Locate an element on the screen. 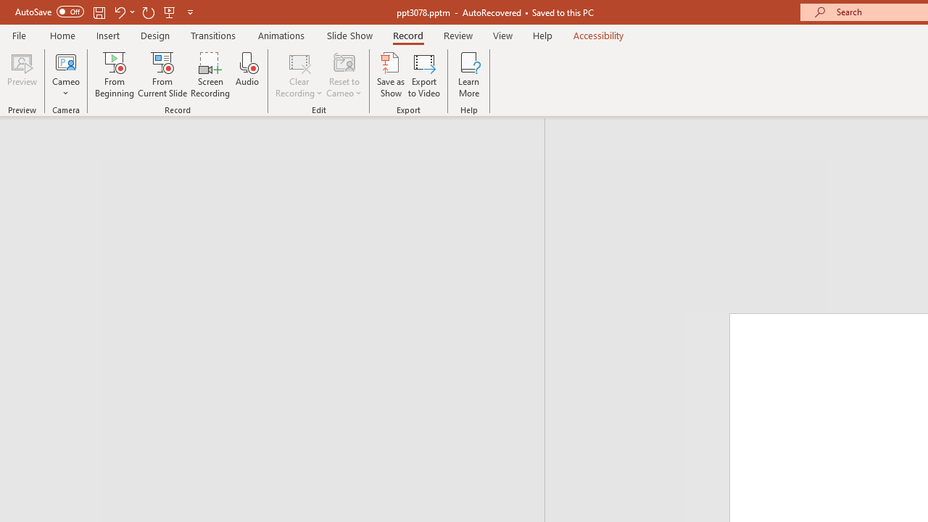 This screenshot has width=928, height=522. 'Review' is located at coordinates (457, 35).